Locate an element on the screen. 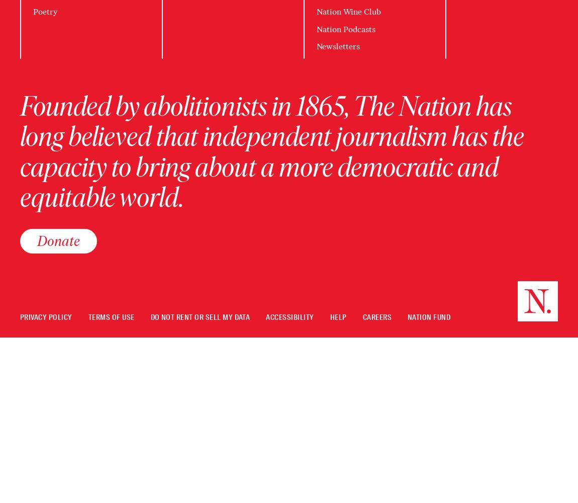 This screenshot has width=578, height=503. 'Nation Wine Club' is located at coordinates (348, 12).